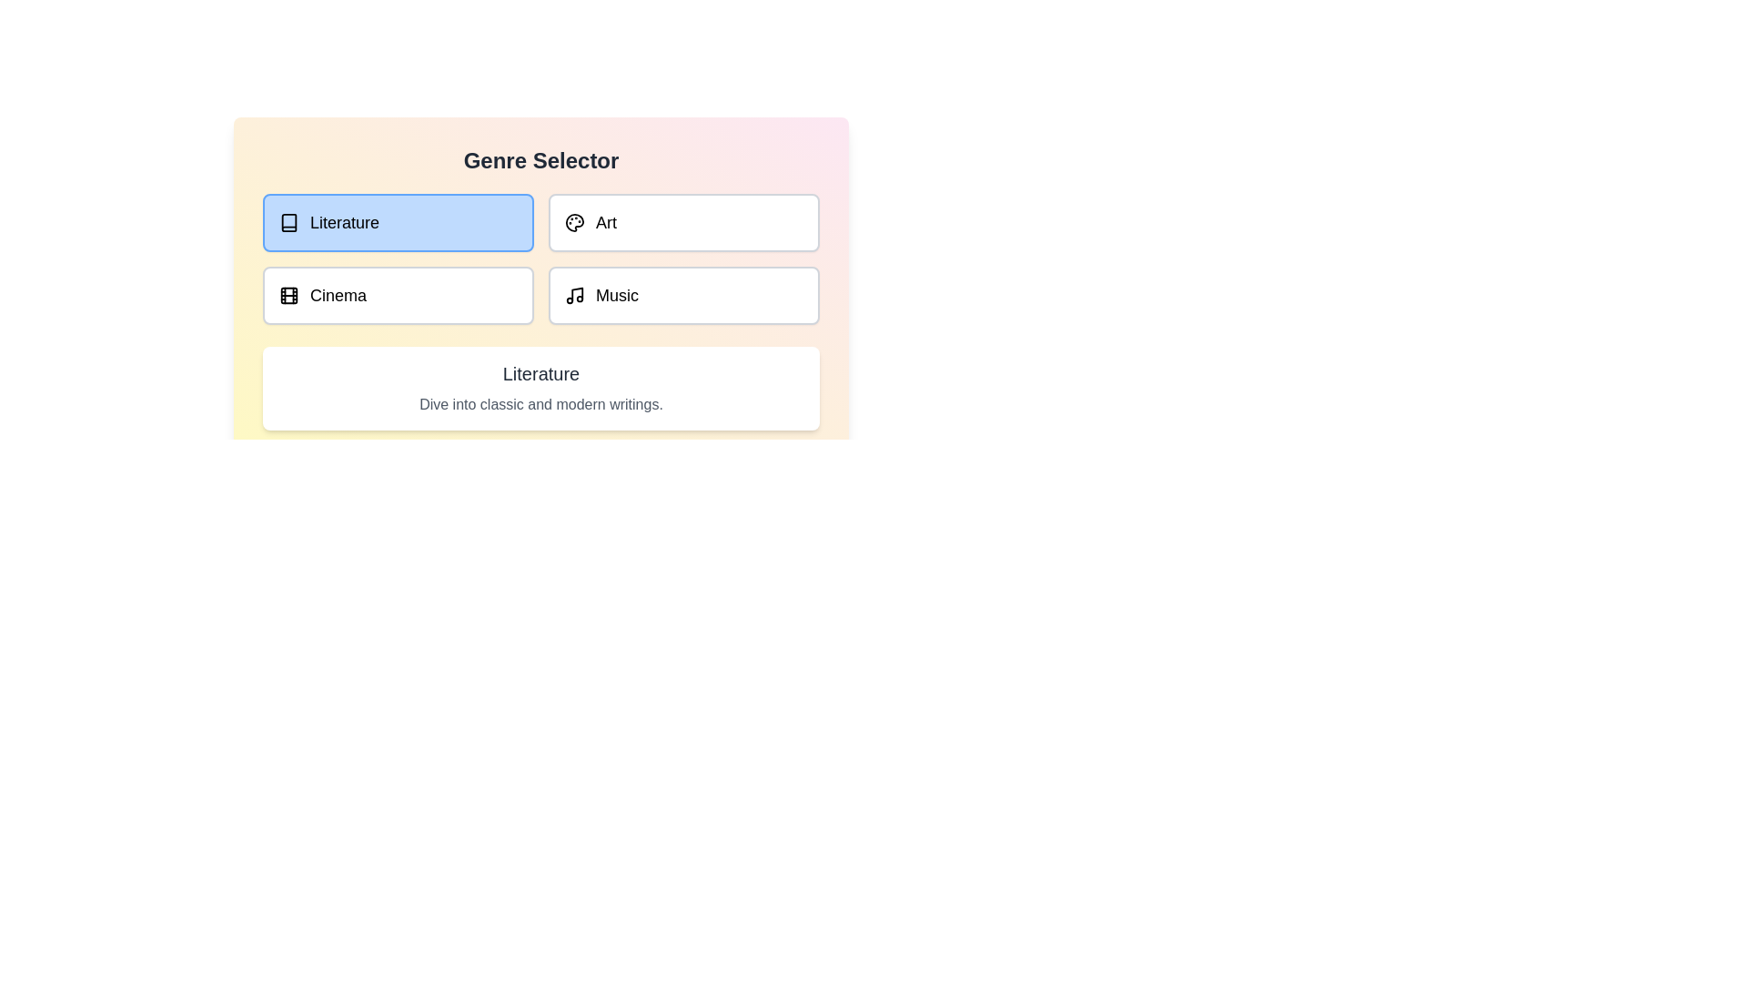  I want to click on the 'Cinema' selectable card in the genre selection interface, so click(397, 294).